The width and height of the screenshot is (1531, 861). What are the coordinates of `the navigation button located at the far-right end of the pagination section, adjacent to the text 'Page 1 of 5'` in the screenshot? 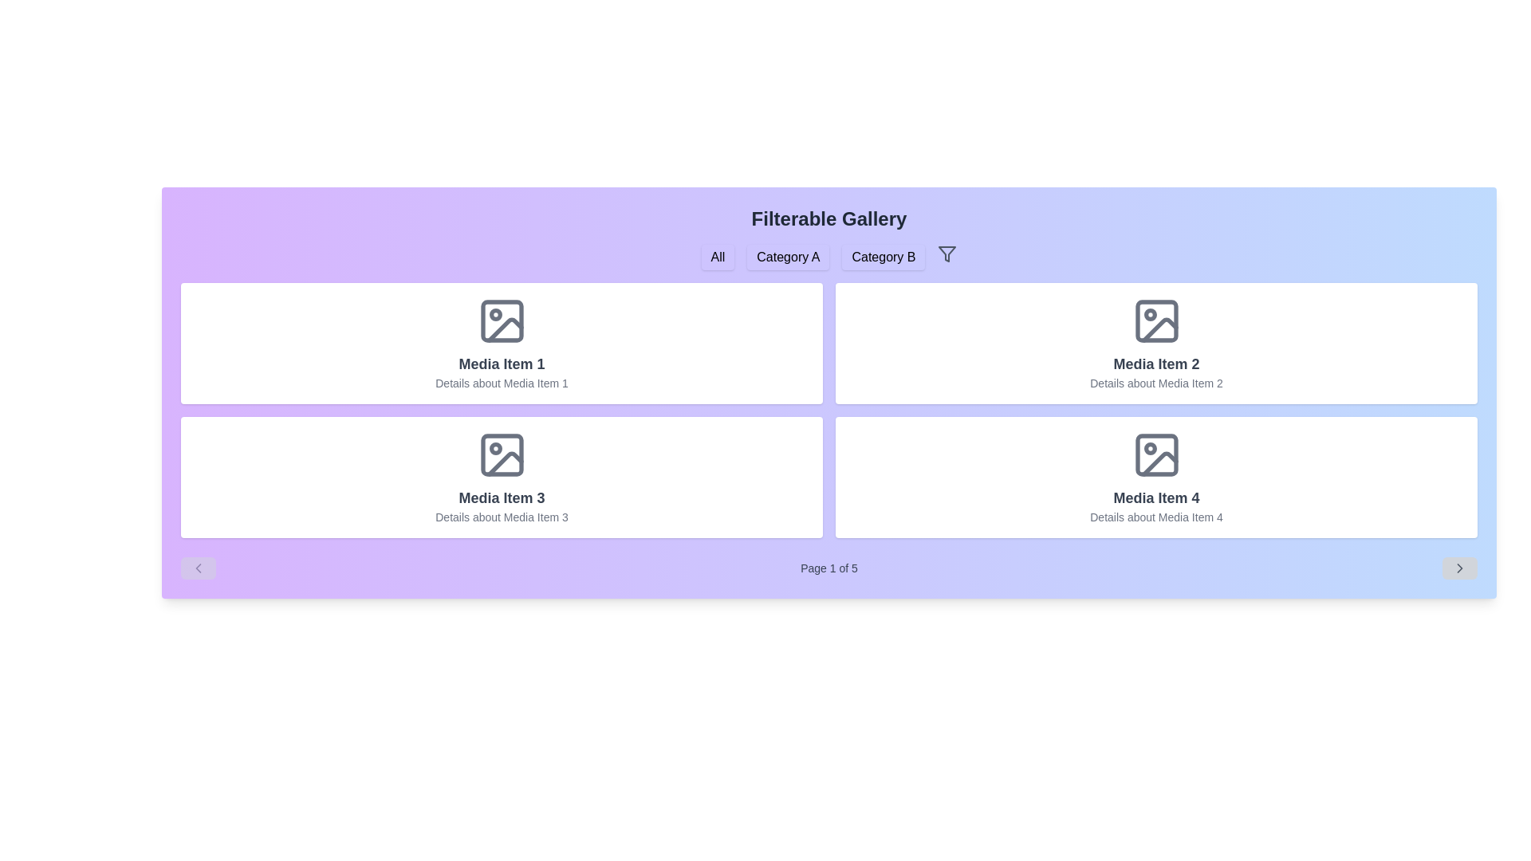 It's located at (1459, 568).